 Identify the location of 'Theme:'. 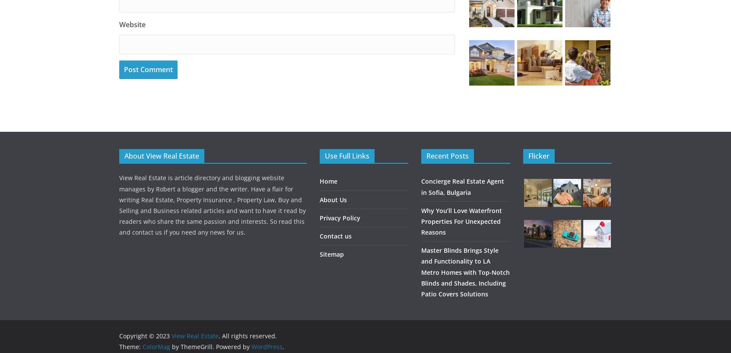
(130, 347).